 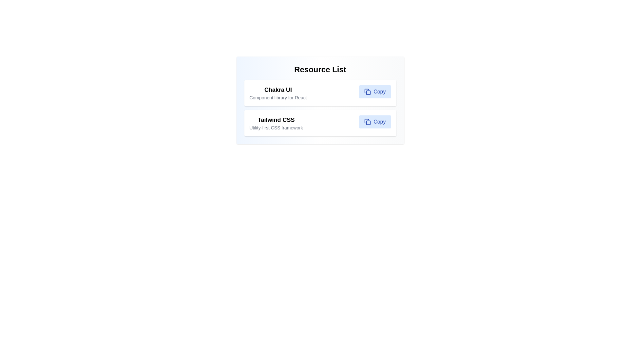 I want to click on the 'Copy' button with a light blue background and blue text, located under the 'Tailwind CSS' heading, so click(x=375, y=122).